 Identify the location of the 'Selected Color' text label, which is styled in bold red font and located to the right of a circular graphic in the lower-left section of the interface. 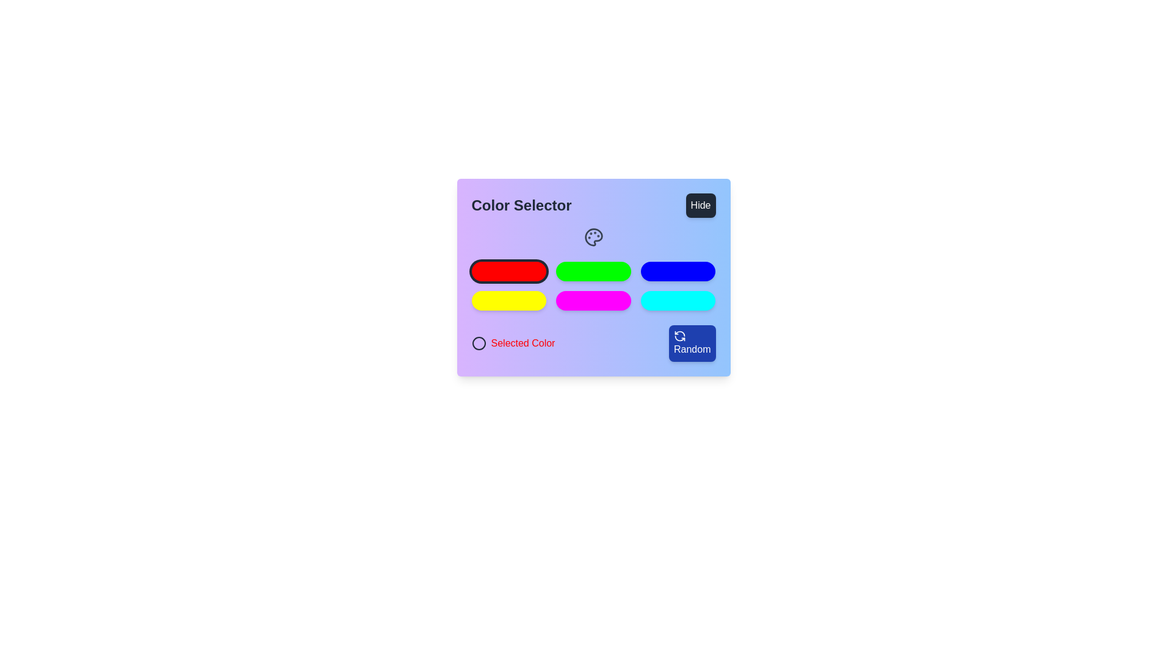
(523, 344).